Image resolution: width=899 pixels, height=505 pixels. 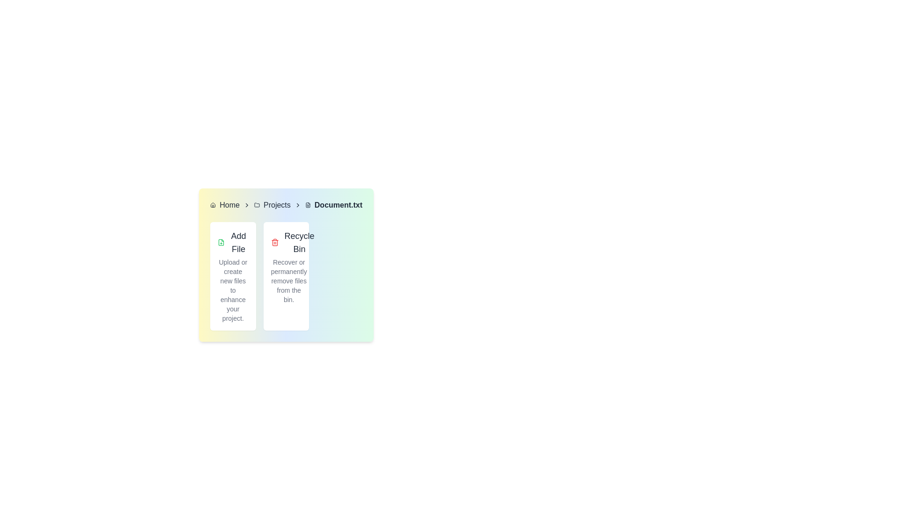 What do you see at coordinates (299, 242) in the screenshot?
I see `the 'Recycle Bin' text label, which is styled with a larger font size and dark gray color, located within a card-like UI component that is centrally positioned below a breadcrumb navigation bar` at bounding box center [299, 242].